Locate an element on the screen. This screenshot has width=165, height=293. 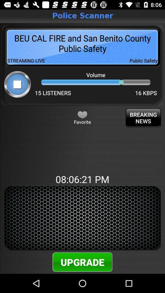
favorite is located at coordinates (82, 114).